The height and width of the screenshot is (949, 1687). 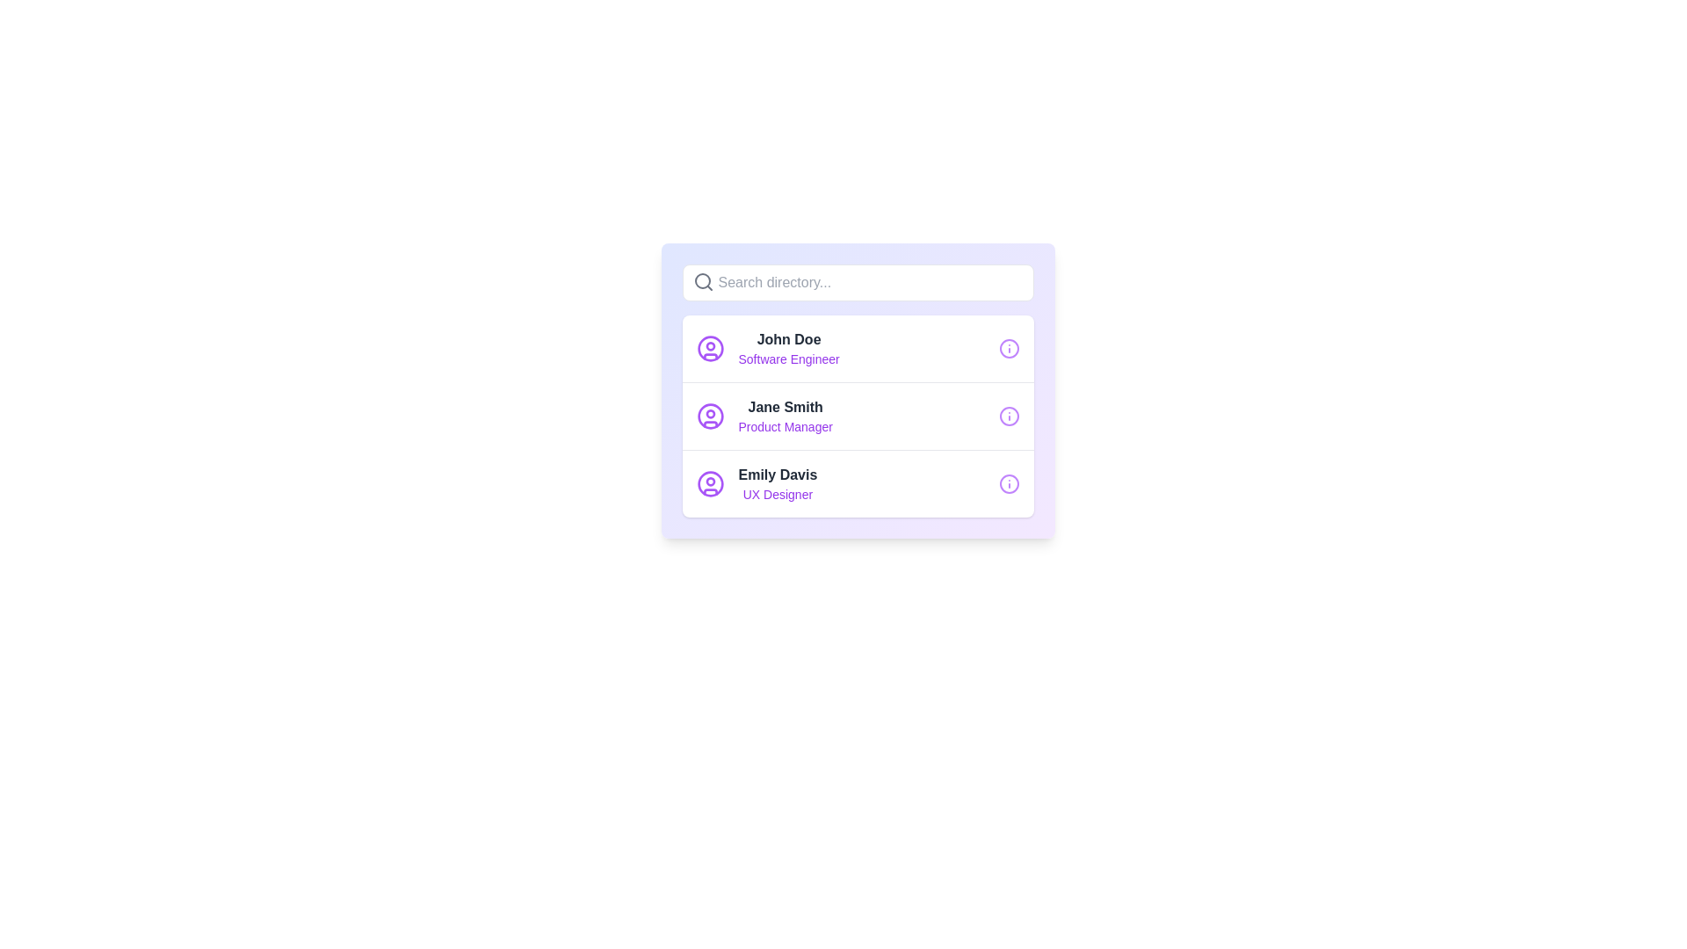 What do you see at coordinates (710, 349) in the screenshot?
I see `the user profile icon representing 'John Doe', which is the first element` at bounding box center [710, 349].